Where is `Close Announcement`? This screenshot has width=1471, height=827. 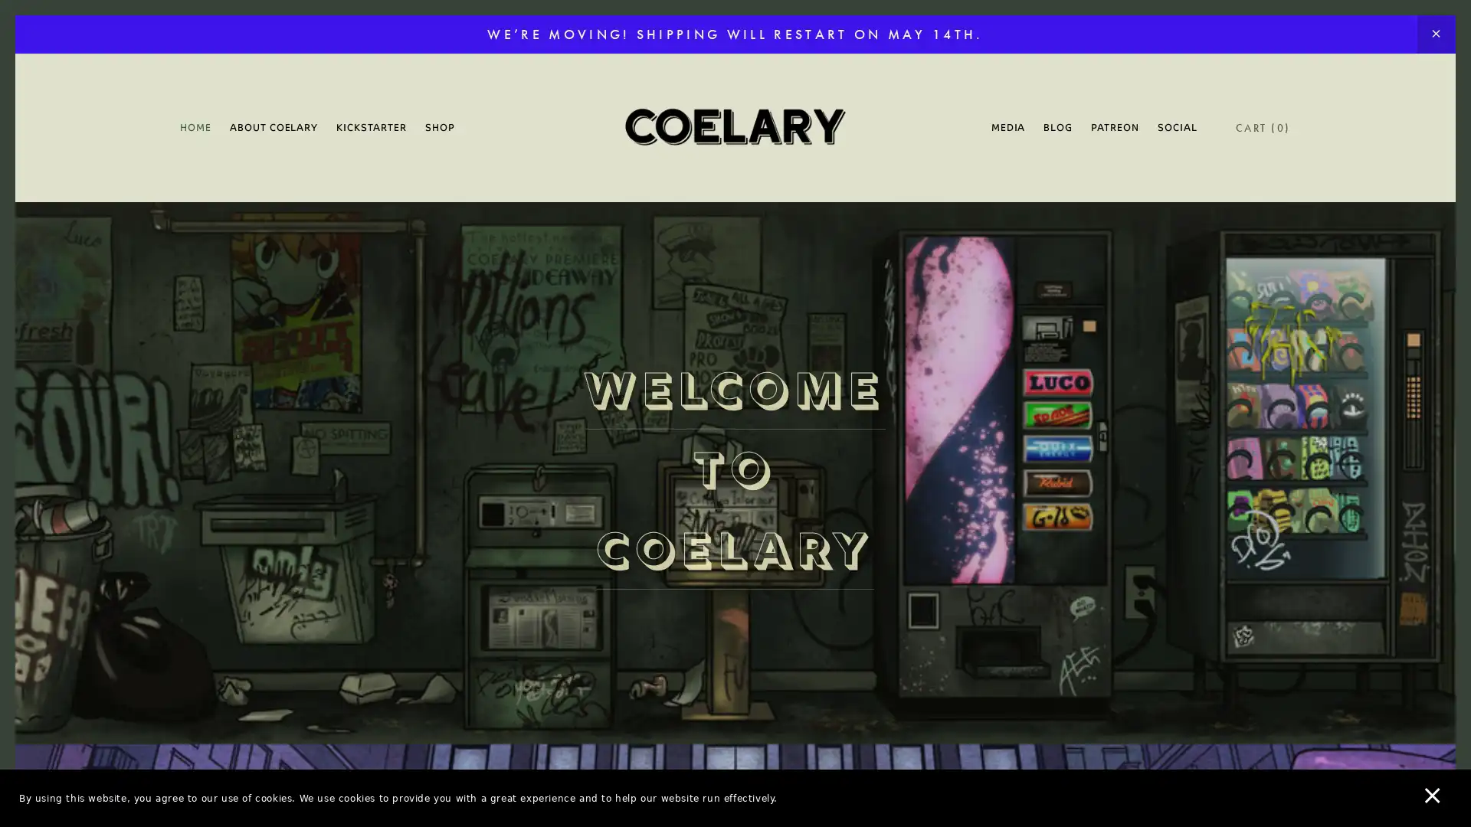
Close Announcement is located at coordinates (1435, 34).